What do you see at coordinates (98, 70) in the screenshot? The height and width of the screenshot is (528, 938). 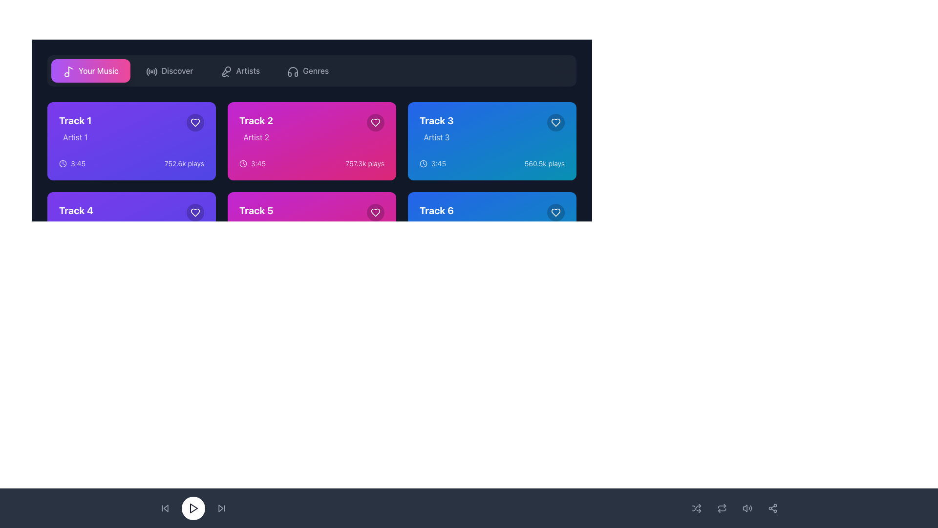 I see `the 'Your Music' text label, which is located to the right of a musical note icon, to trigger potential visual effects` at bounding box center [98, 70].